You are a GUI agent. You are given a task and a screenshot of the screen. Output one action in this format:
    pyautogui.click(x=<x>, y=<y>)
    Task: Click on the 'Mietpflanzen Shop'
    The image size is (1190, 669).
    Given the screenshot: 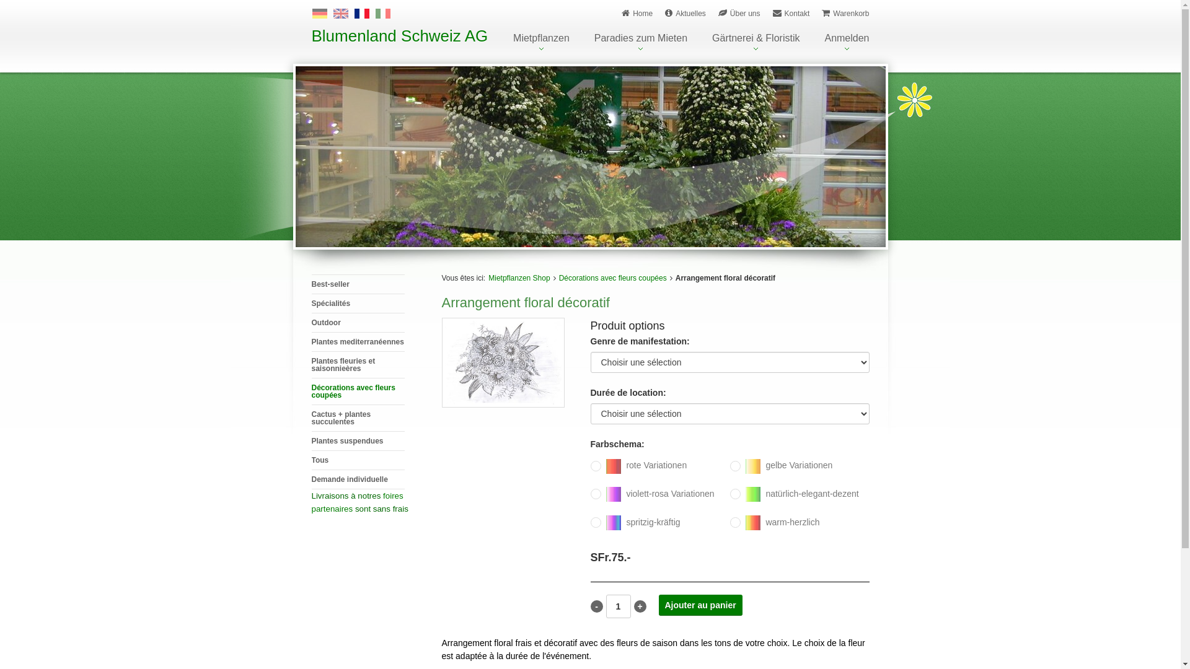 What is the action you would take?
    pyautogui.click(x=519, y=277)
    